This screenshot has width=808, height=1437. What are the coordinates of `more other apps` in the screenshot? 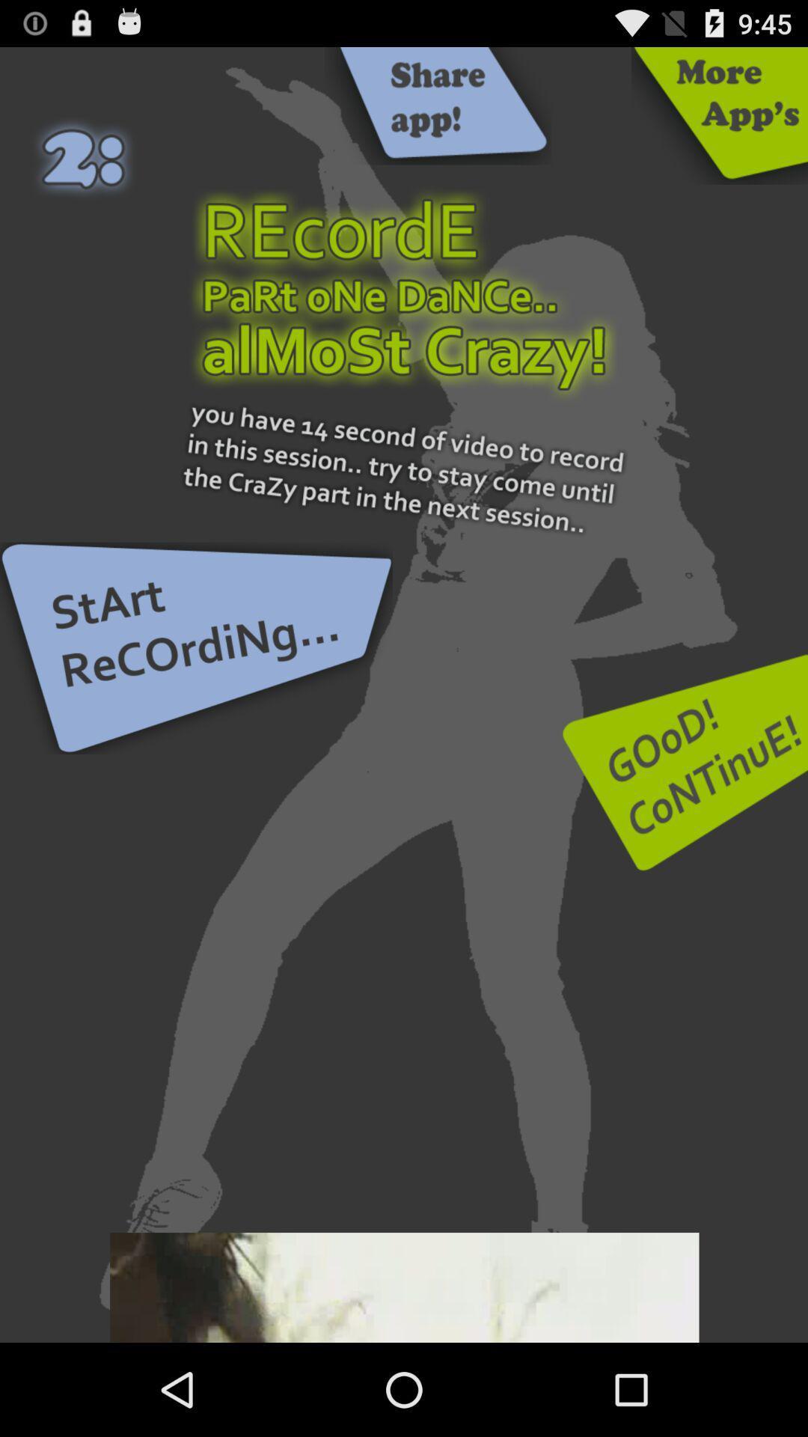 It's located at (718, 115).